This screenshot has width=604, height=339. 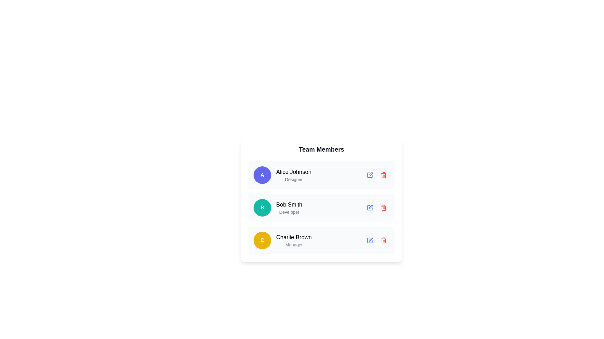 I want to click on the Text Display element showing the name 'Bob Smith' and the role 'Developer', which is located in the second row of the team members list, so click(x=289, y=208).